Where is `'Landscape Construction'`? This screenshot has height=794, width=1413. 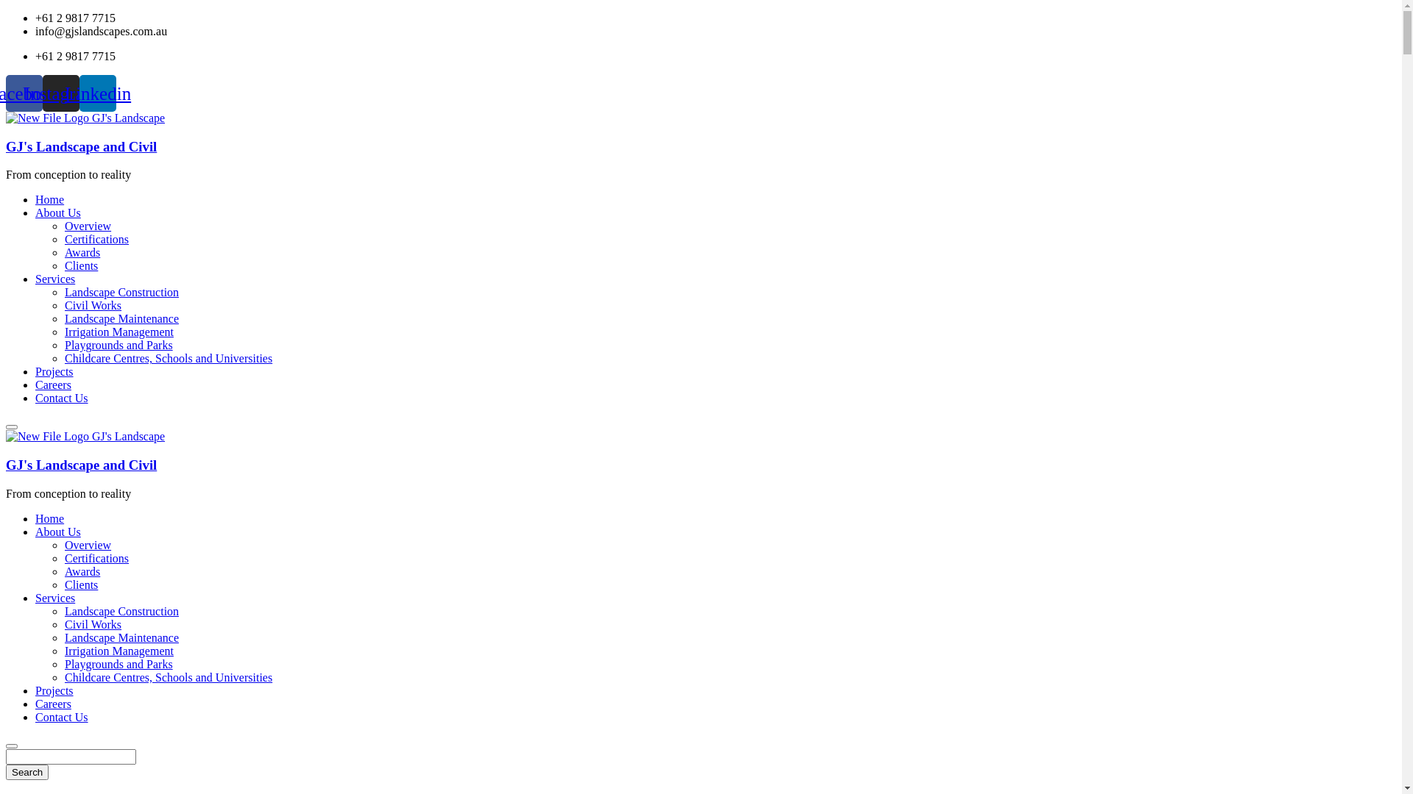
'Landscape Construction' is located at coordinates (121, 292).